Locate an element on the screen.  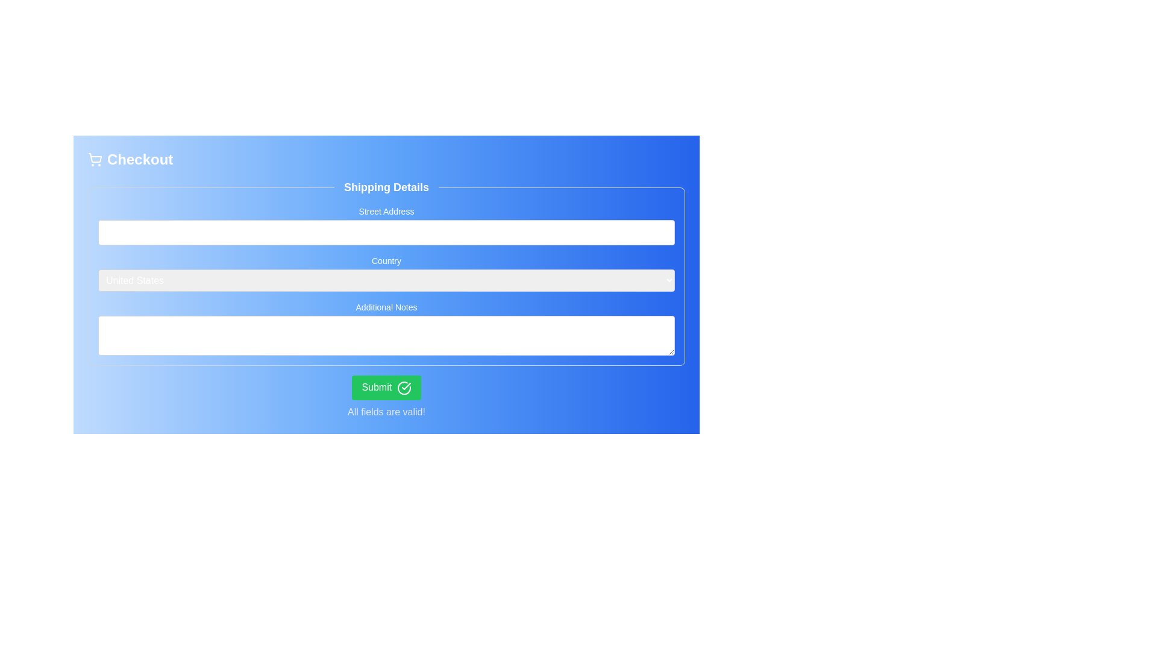
the 'Street Address' text label, which is styled in a medium-sized, bold font on a blue gradient background, located in the upper-middle section of the Shipping Details form is located at coordinates (386, 211).